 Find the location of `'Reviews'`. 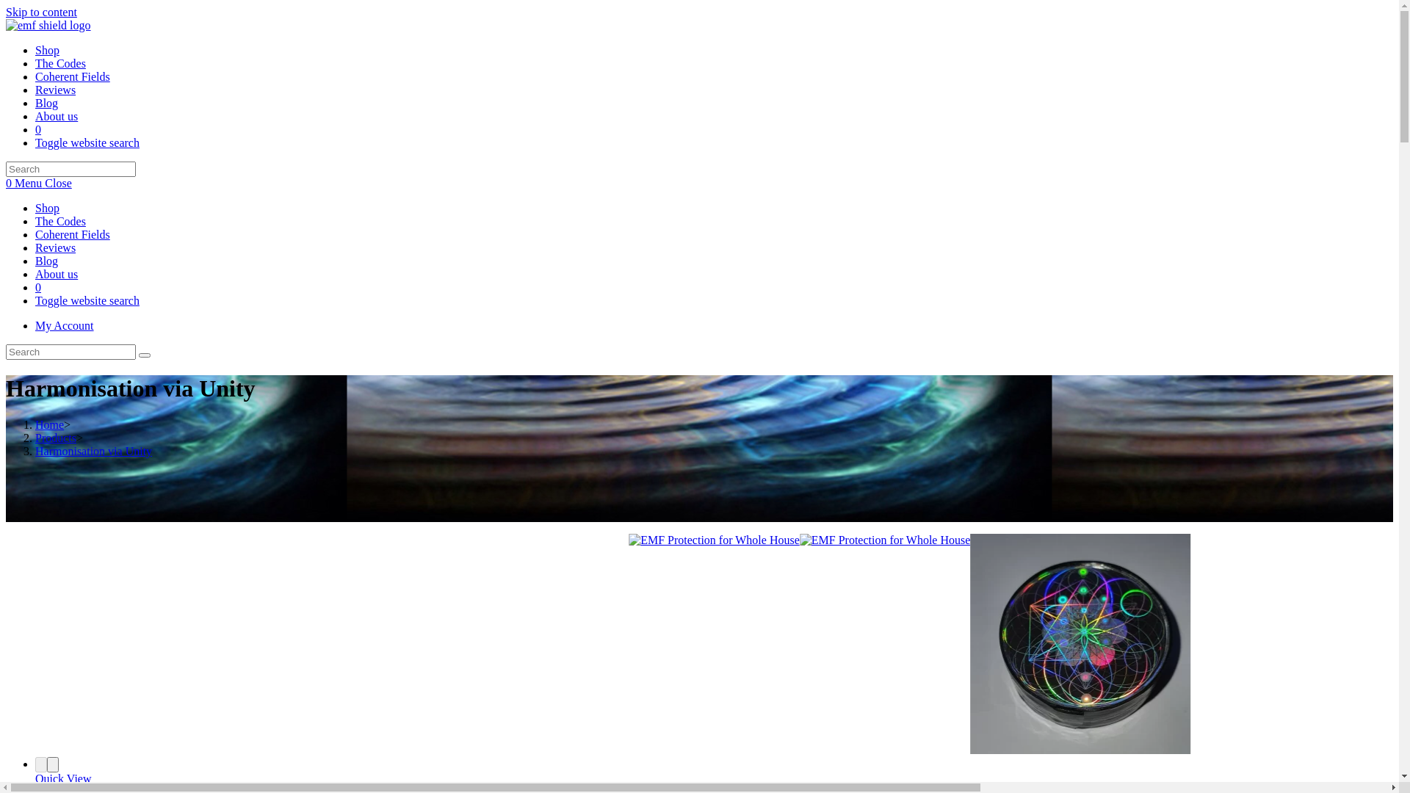

'Reviews' is located at coordinates (55, 90).